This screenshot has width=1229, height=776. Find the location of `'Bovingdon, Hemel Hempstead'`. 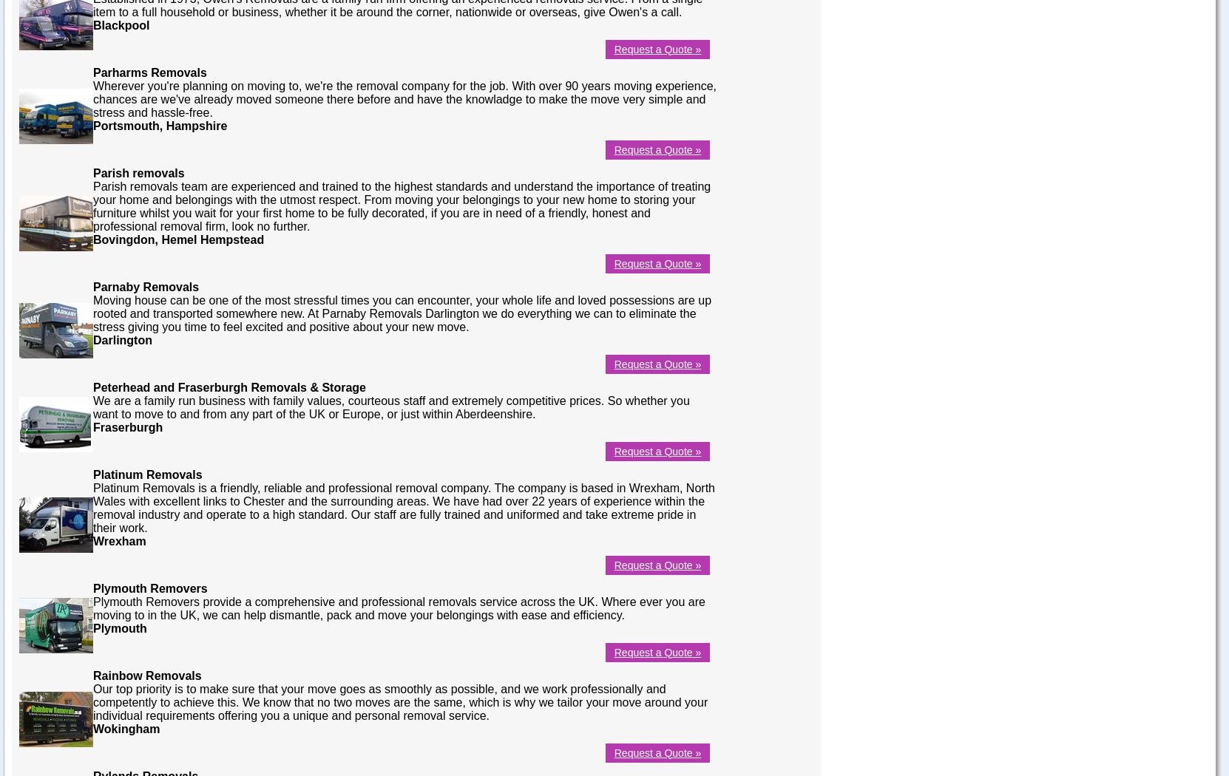

'Bovingdon, Hemel Hempstead' is located at coordinates (177, 239).